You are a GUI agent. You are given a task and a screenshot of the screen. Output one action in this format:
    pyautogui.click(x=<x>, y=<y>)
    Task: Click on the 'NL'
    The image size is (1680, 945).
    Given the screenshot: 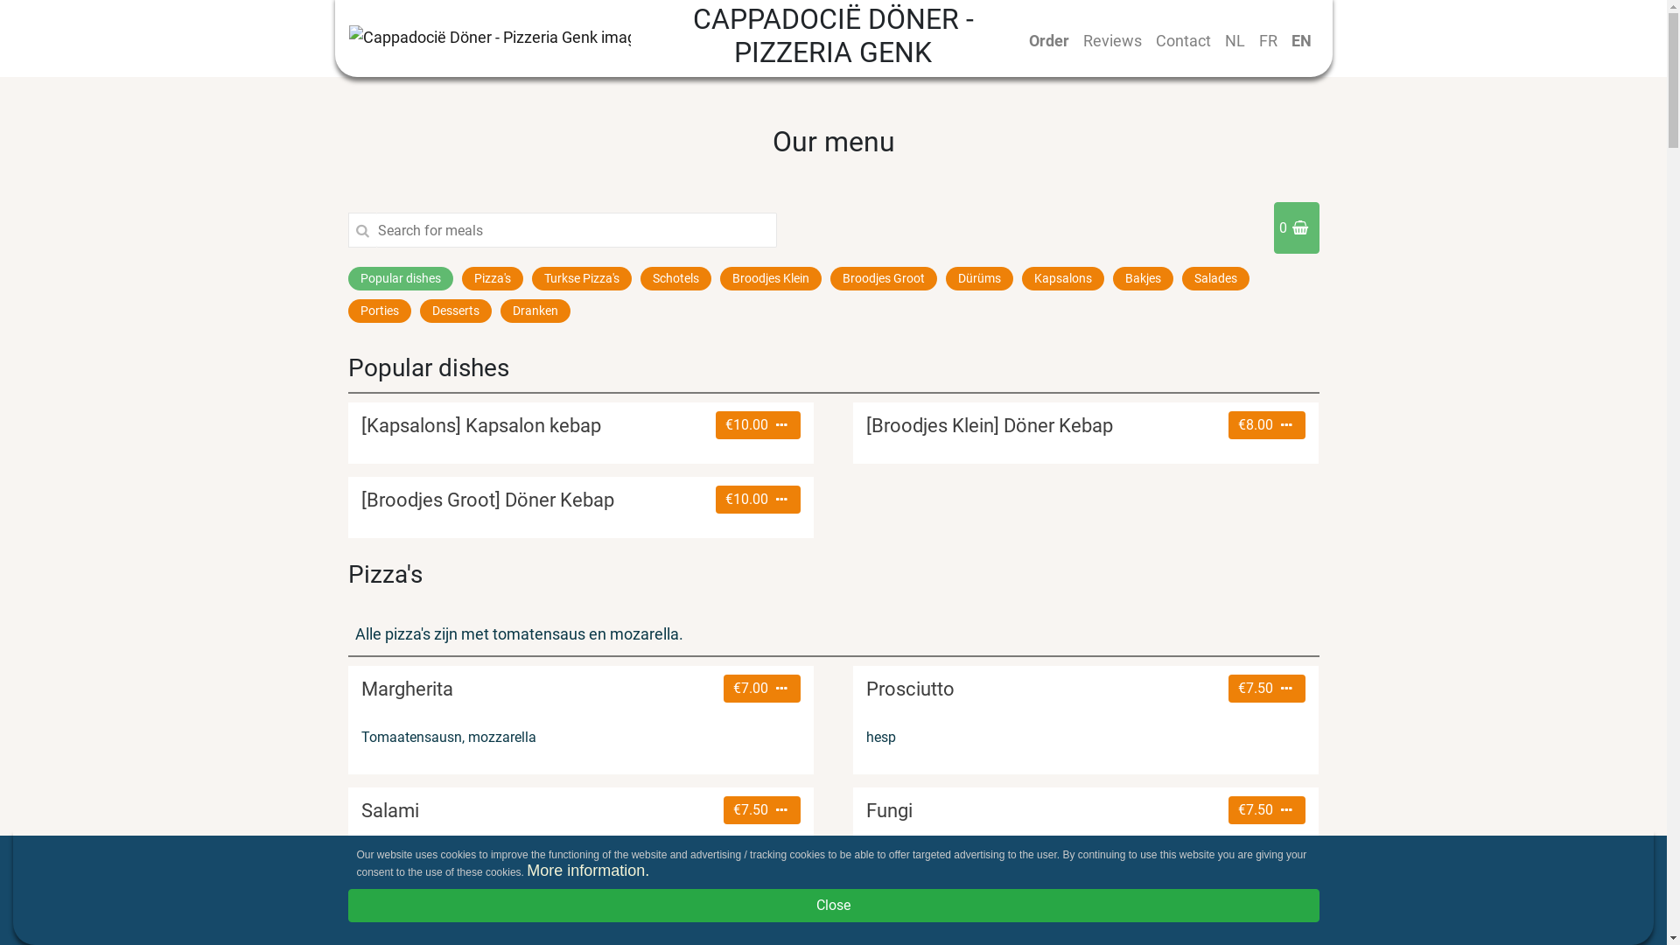 What is the action you would take?
    pyautogui.click(x=1234, y=39)
    